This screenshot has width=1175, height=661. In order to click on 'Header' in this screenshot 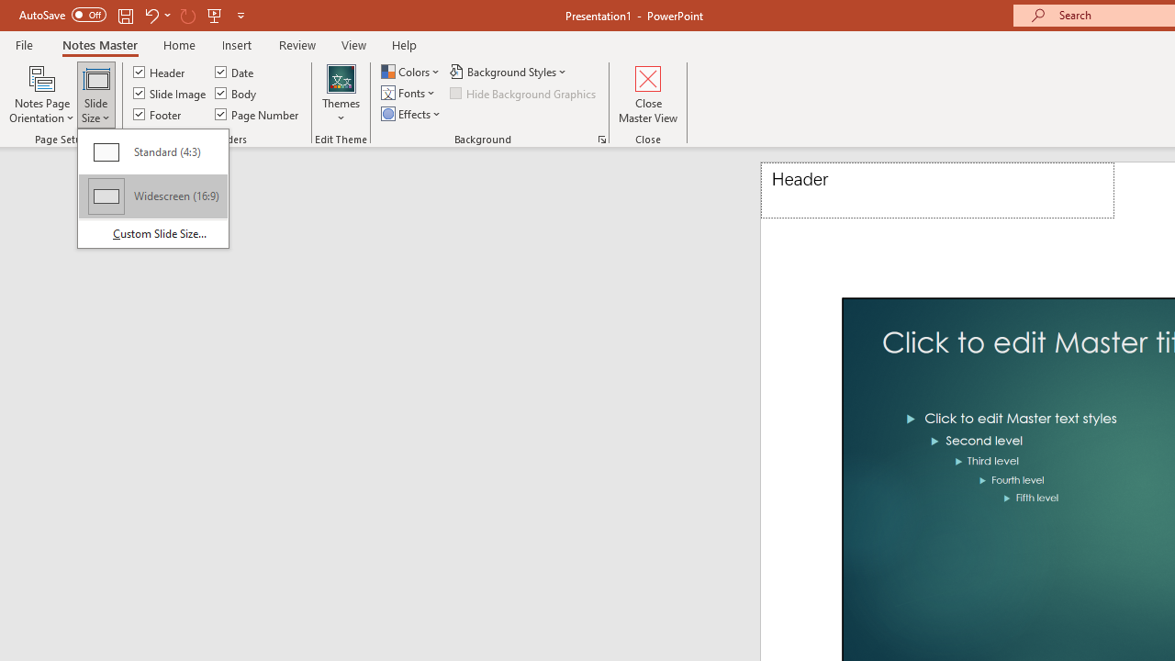, I will do `click(937, 190)`.